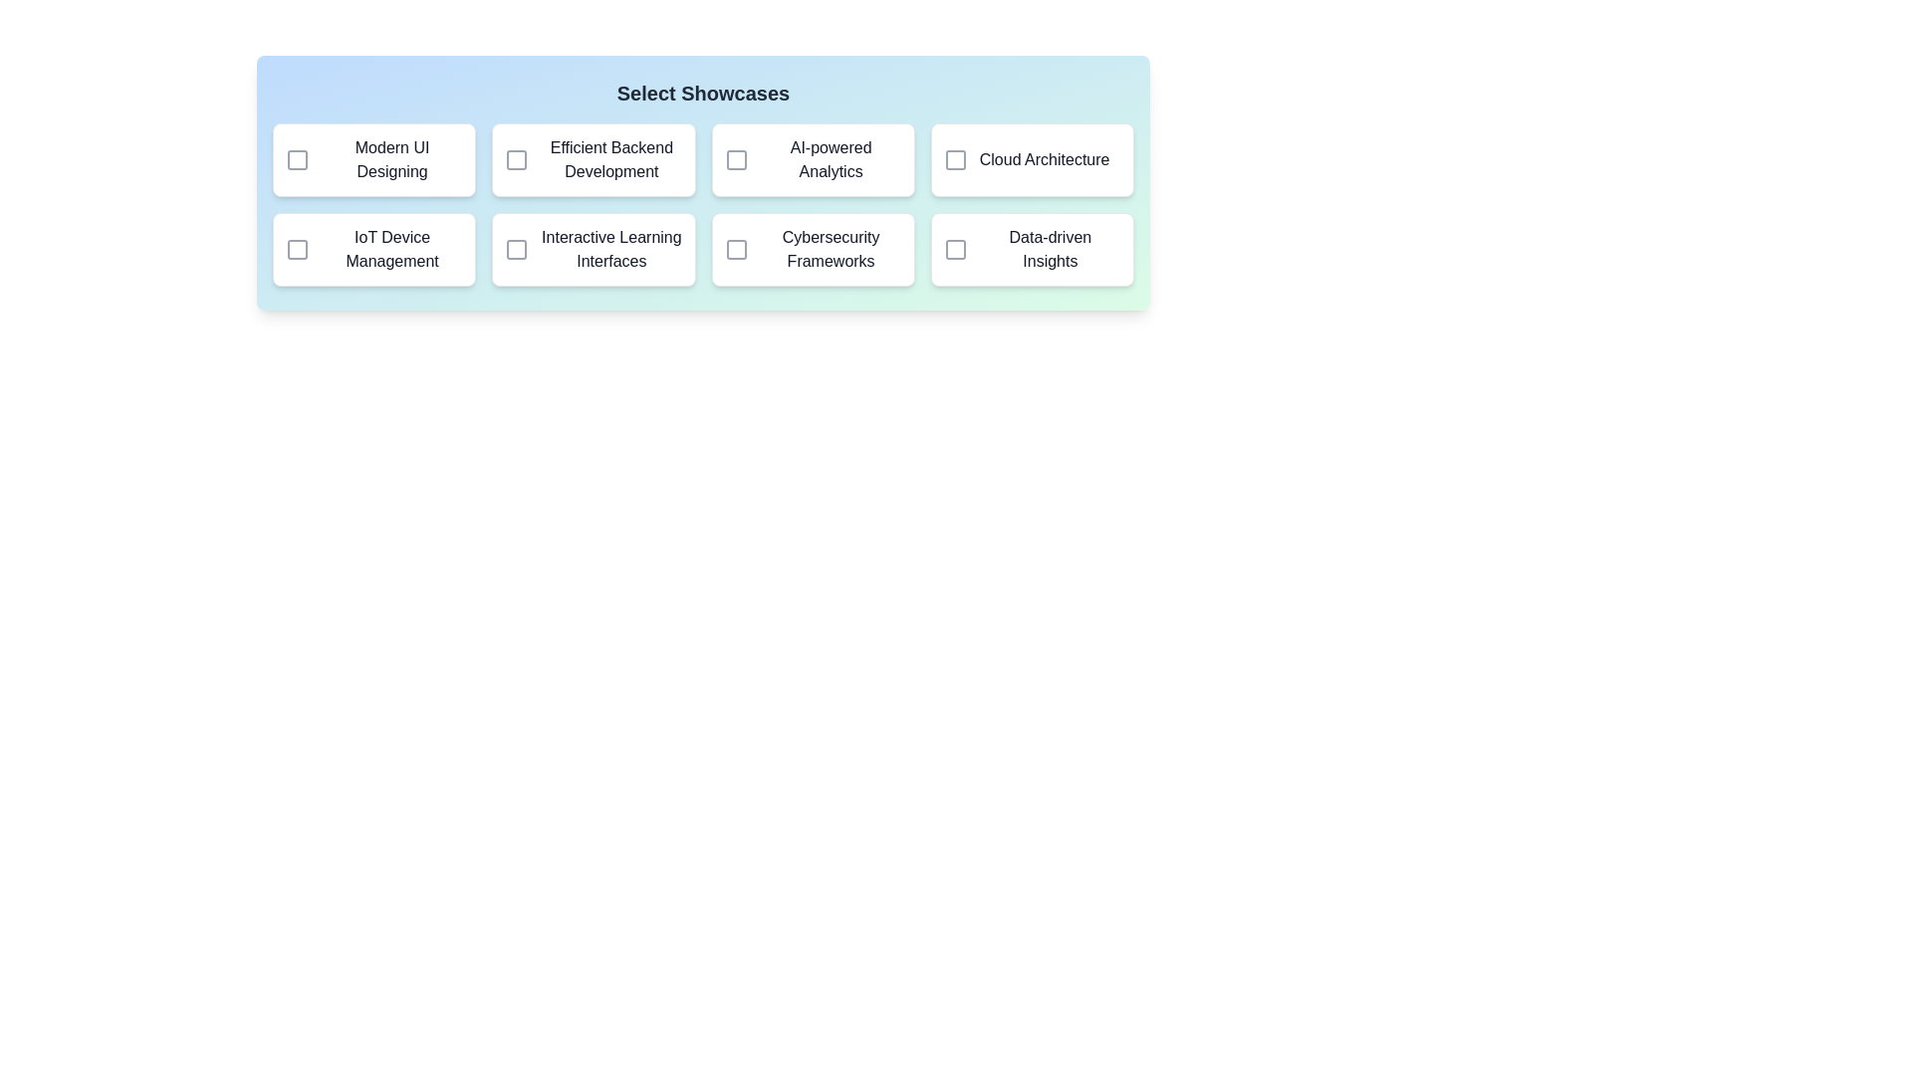 The width and height of the screenshot is (1912, 1075). Describe the element at coordinates (735, 248) in the screenshot. I see `the showcase corresponding to Cybersecurity Frameworks` at that location.